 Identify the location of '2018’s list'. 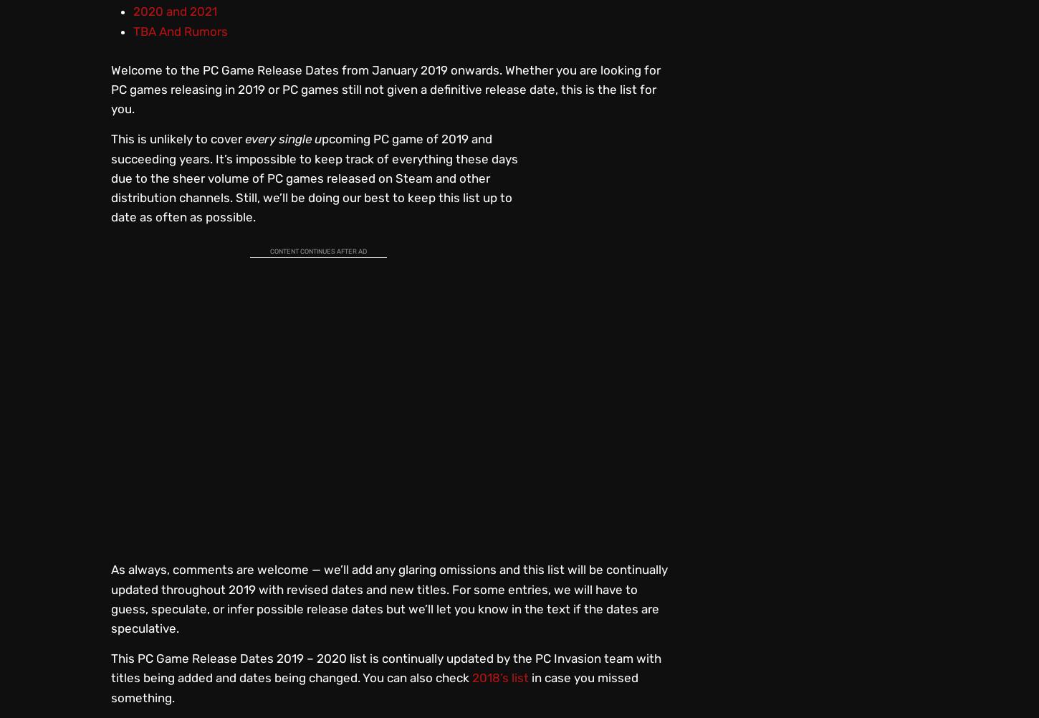
(471, 676).